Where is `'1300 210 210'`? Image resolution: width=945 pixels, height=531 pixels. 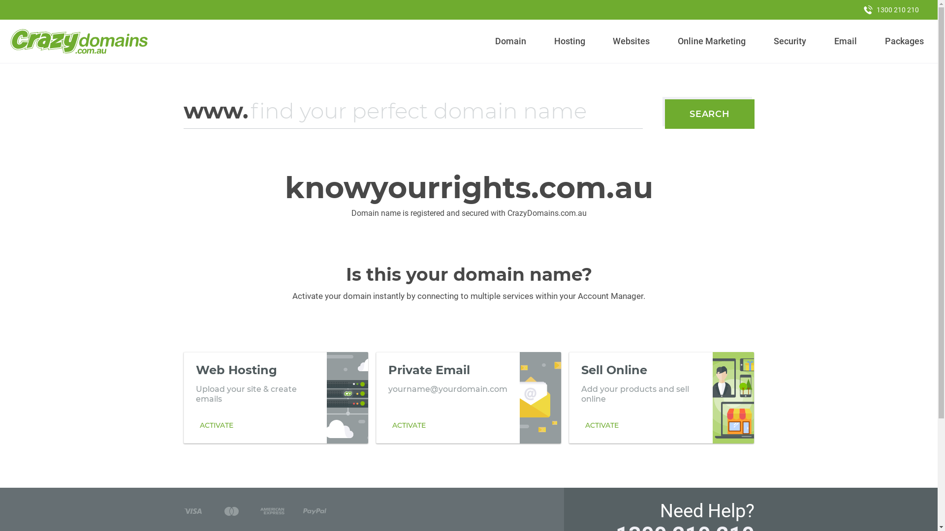
'1300 210 210' is located at coordinates (891, 9).